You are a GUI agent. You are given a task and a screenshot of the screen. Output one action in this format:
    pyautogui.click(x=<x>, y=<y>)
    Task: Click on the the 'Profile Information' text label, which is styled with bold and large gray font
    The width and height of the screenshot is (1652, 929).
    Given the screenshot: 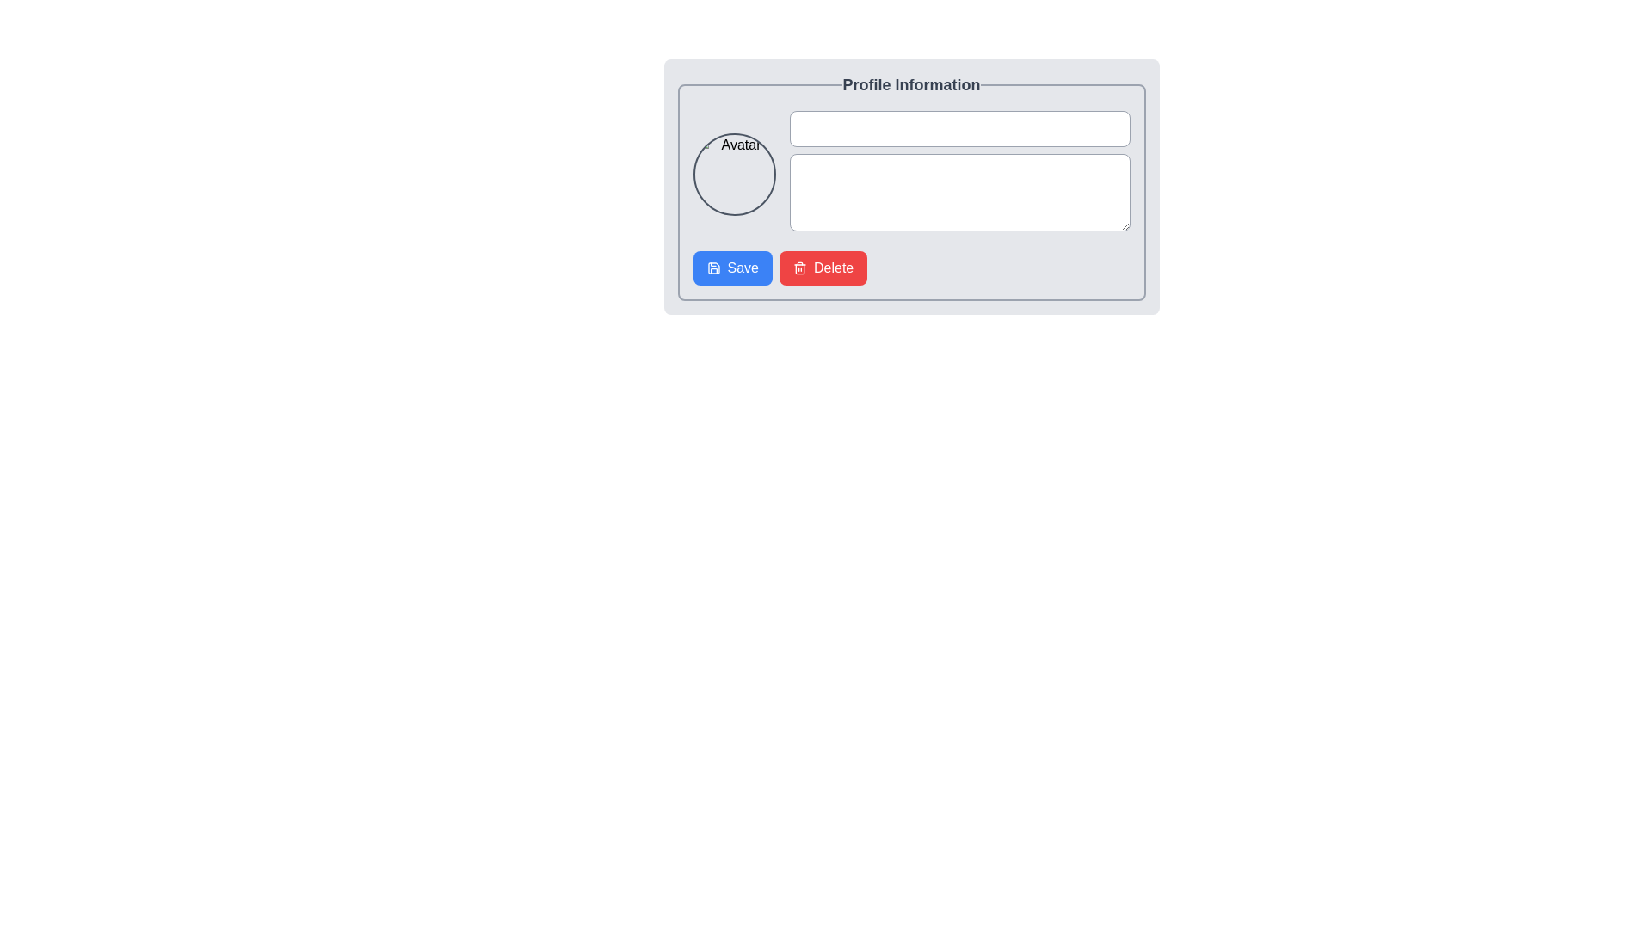 What is the action you would take?
    pyautogui.click(x=910, y=85)
    